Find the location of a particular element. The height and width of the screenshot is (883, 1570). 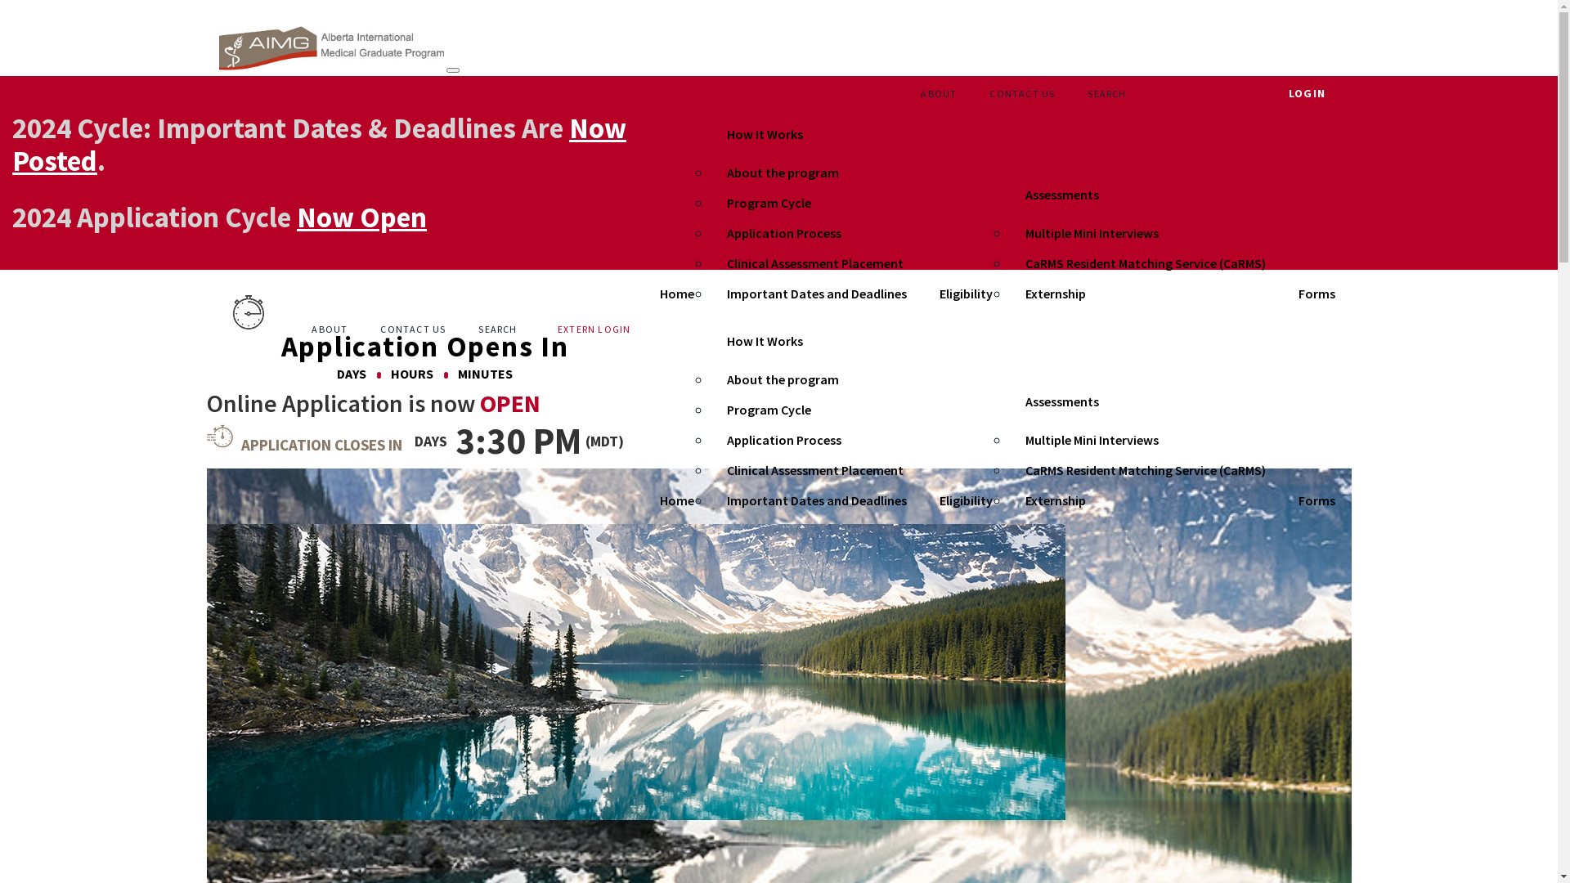

'LOGIN' is located at coordinates (1306, 93).